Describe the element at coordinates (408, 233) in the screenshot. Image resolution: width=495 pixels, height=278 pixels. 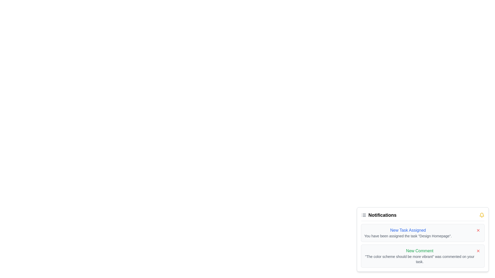
I see `the text block that notifies the user about a new task, located in the middle area of the notification panel, above the 'New Comment' notification` at that location.